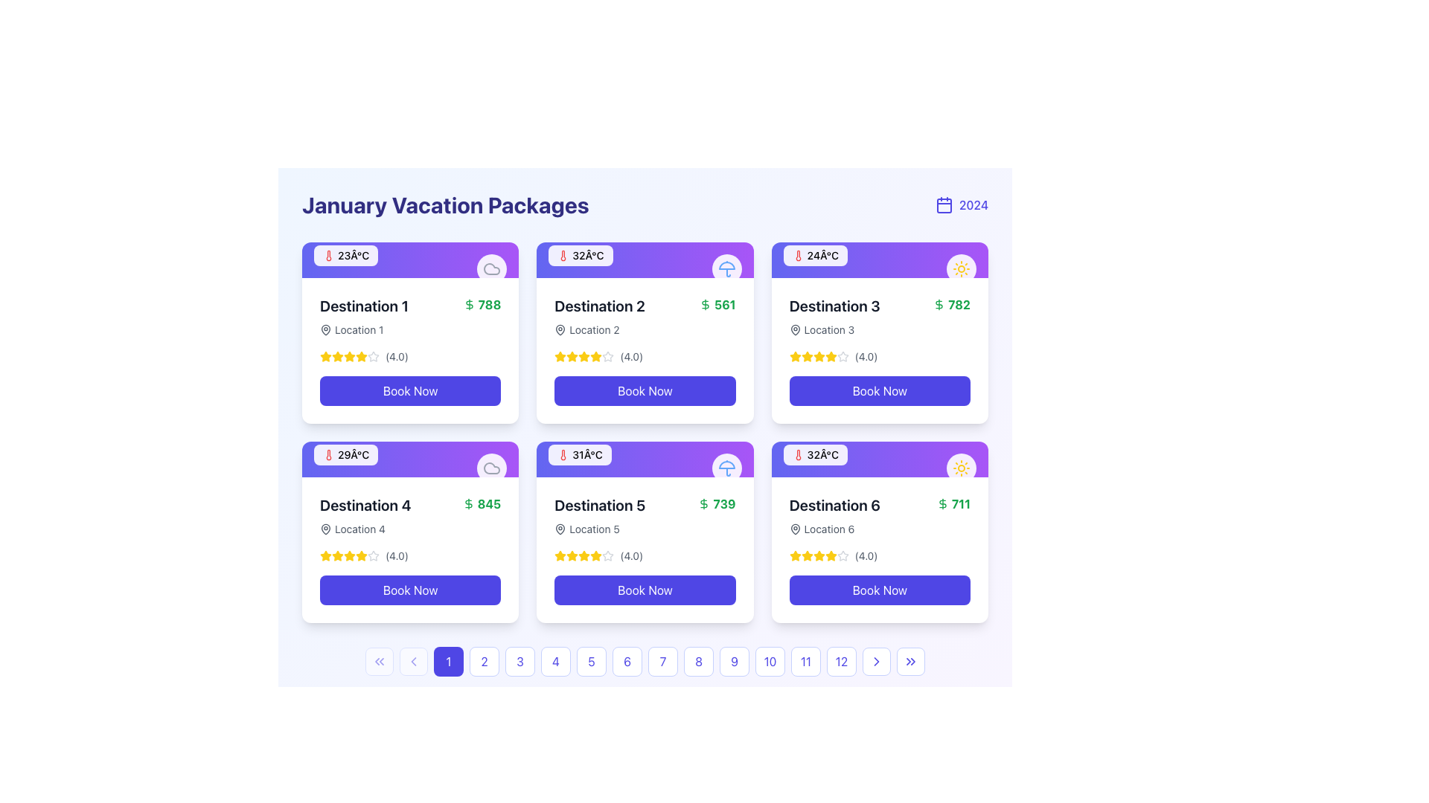 Image resolution: width=1429 pixels, height=803 pixels. Describe the element at coordinates (584, 556) in the screenshot. I see `the state or color of the fourth star icon in the rating system located in the 'Destination 5' card of the second row, middle column` at that location.